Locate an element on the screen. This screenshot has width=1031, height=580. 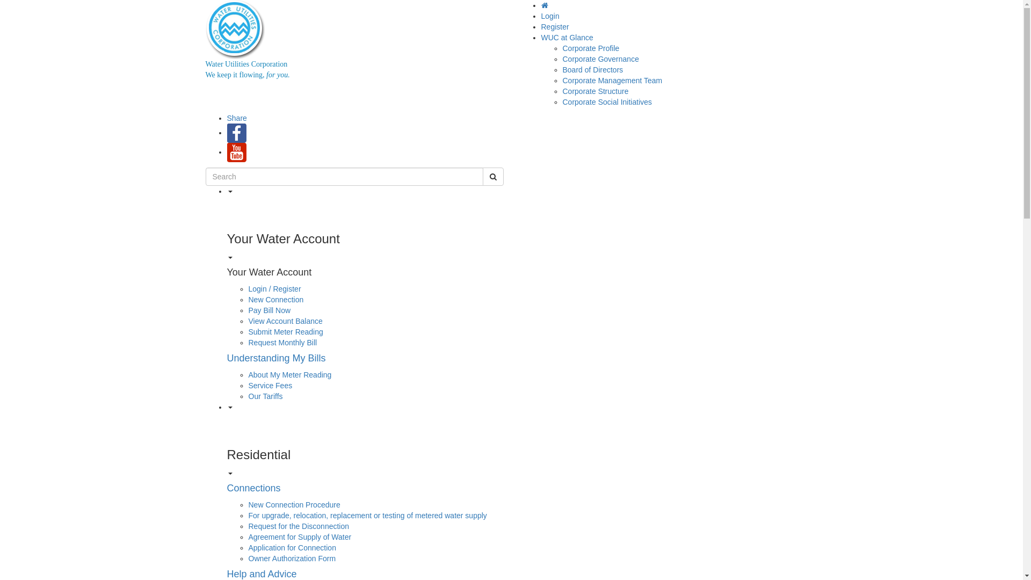
'New Connection Procedure' is located at coordinates (294, 505).